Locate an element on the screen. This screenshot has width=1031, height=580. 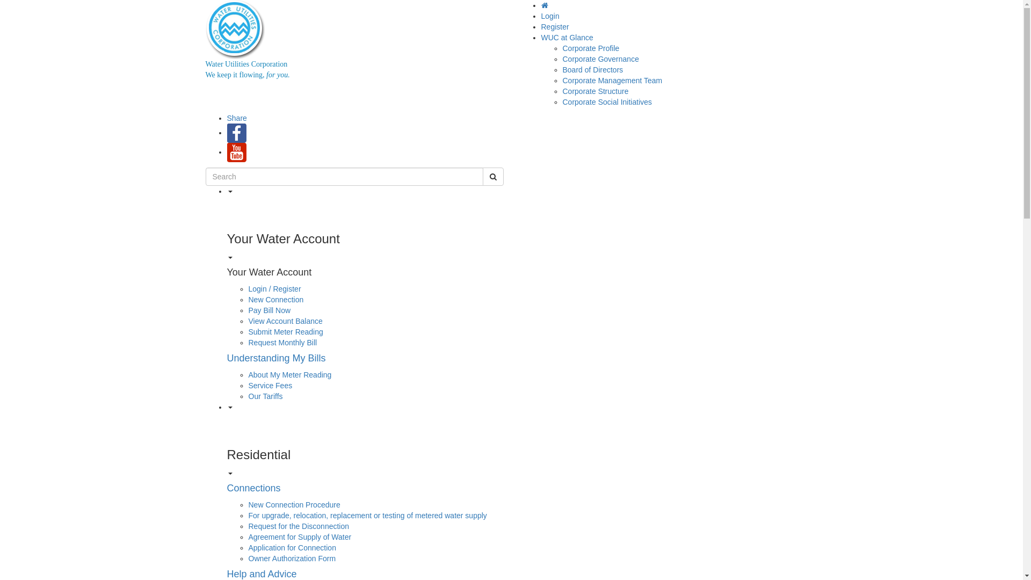
'New Connection Procedure' is located at coordinates (294, 505).